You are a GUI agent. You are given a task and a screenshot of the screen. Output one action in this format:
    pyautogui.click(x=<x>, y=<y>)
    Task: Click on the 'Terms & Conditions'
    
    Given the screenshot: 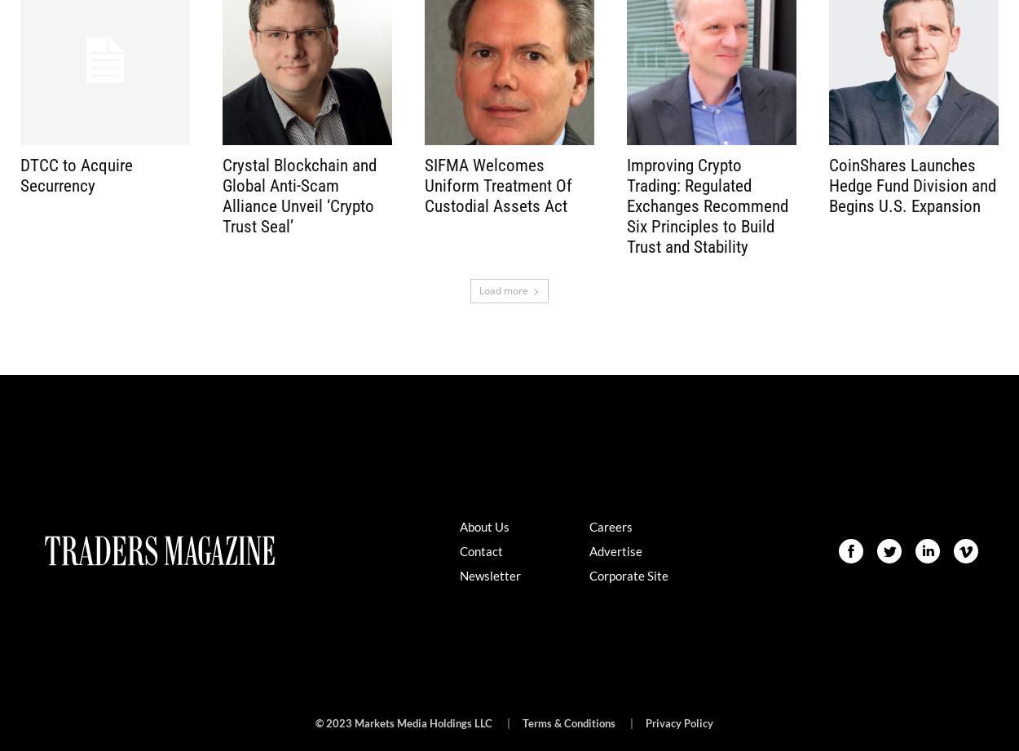 What is the action you would take?
    pyautogui.click(x=568, y=722)
    